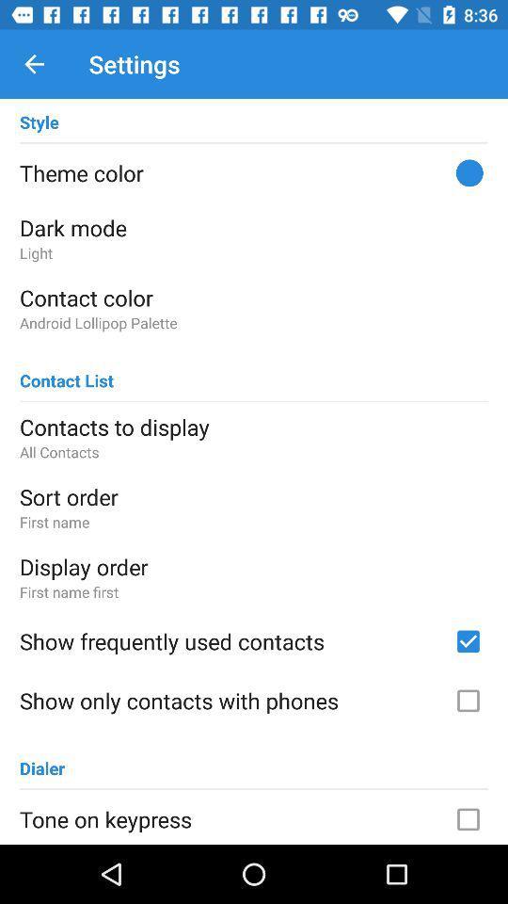  Describe the element at coordinates (41, 760) in the screenshot. I see `icon above tone on keypress icon` at that location.